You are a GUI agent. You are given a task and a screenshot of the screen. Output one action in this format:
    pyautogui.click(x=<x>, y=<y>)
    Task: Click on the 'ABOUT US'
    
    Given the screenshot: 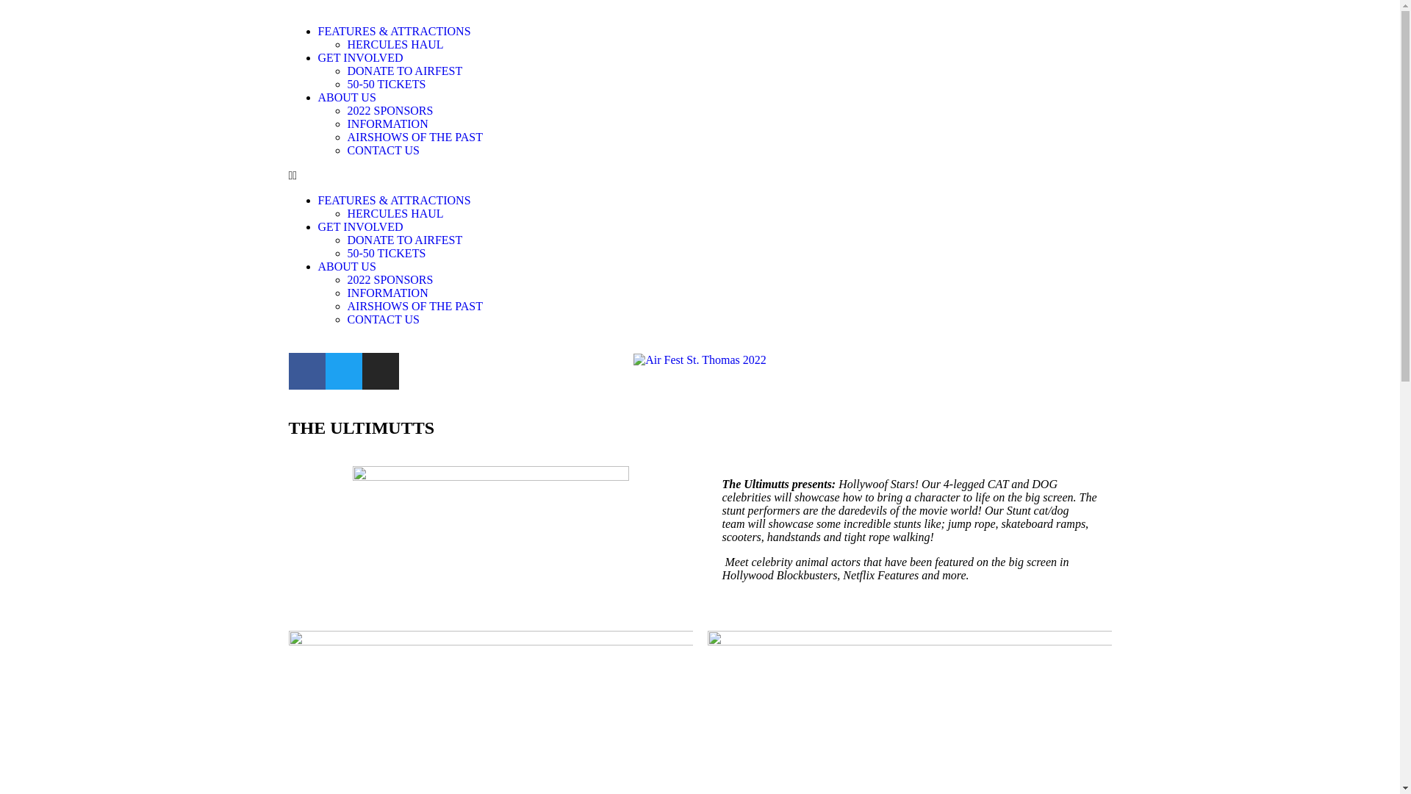 What is the action you would take?
    pyautogui.click(x=345, y=266)
    